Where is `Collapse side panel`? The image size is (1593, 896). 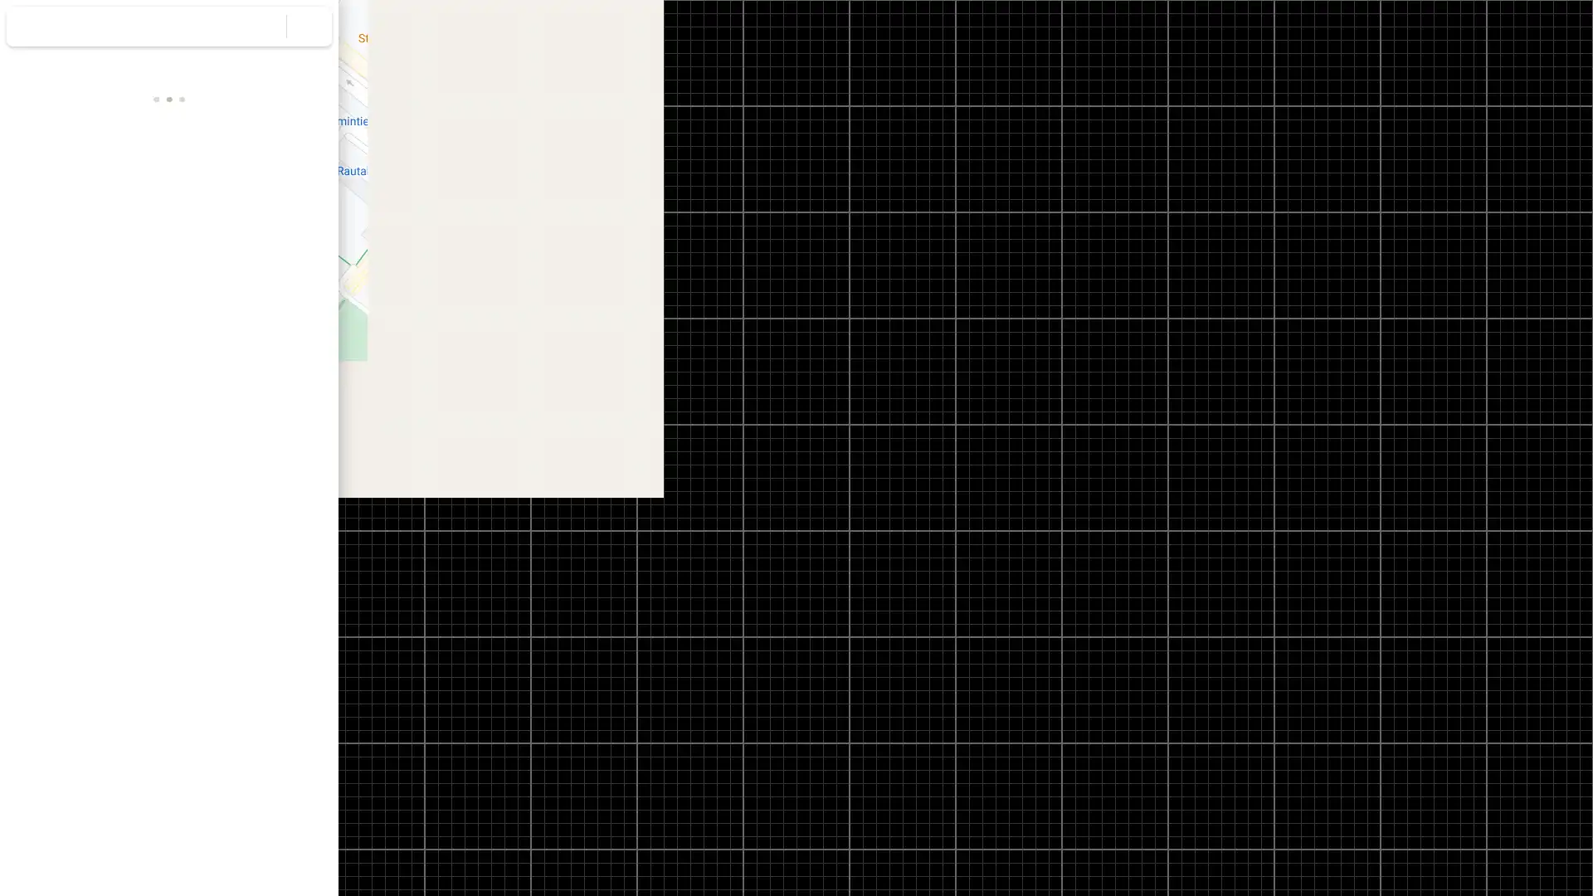
Collapse side panel is located at coordinates (275, 448).